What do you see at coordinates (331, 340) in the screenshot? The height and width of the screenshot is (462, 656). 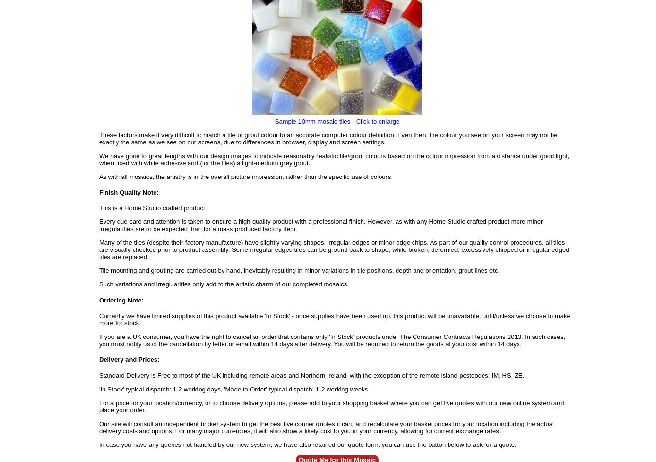 I see `'If you are a UK consumer, you have the right to cancel an order that contains only 'In Stock' products under The Consumer Contracts Regulations 2013. In such cases, you must notify us of the cancellation by letter or email within 14 days after delivery. You will be required to return the goods at your cost within 14 days.'` at bounding box center [331, 340].